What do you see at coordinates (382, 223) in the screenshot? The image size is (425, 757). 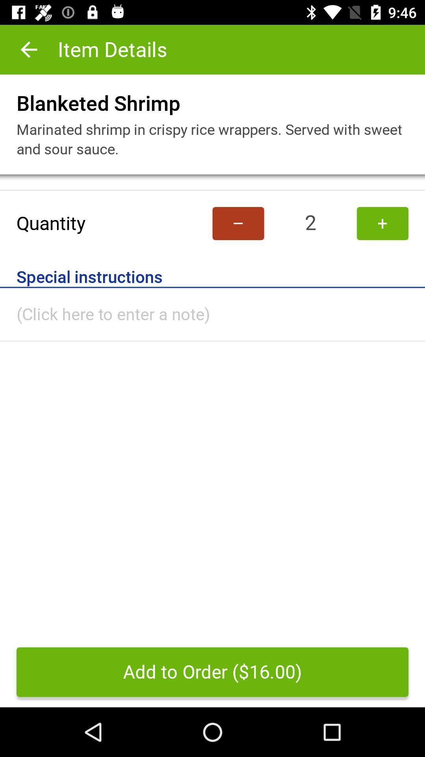 I see `item next to 2 item` at bounding box center [382, 223].